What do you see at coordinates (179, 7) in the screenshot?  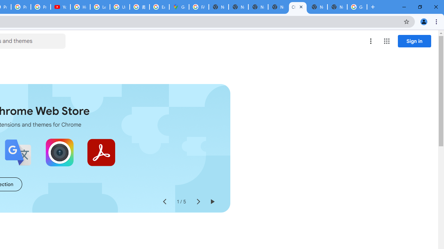 I see `'Google Maps'` at bounding box center [179, 7].